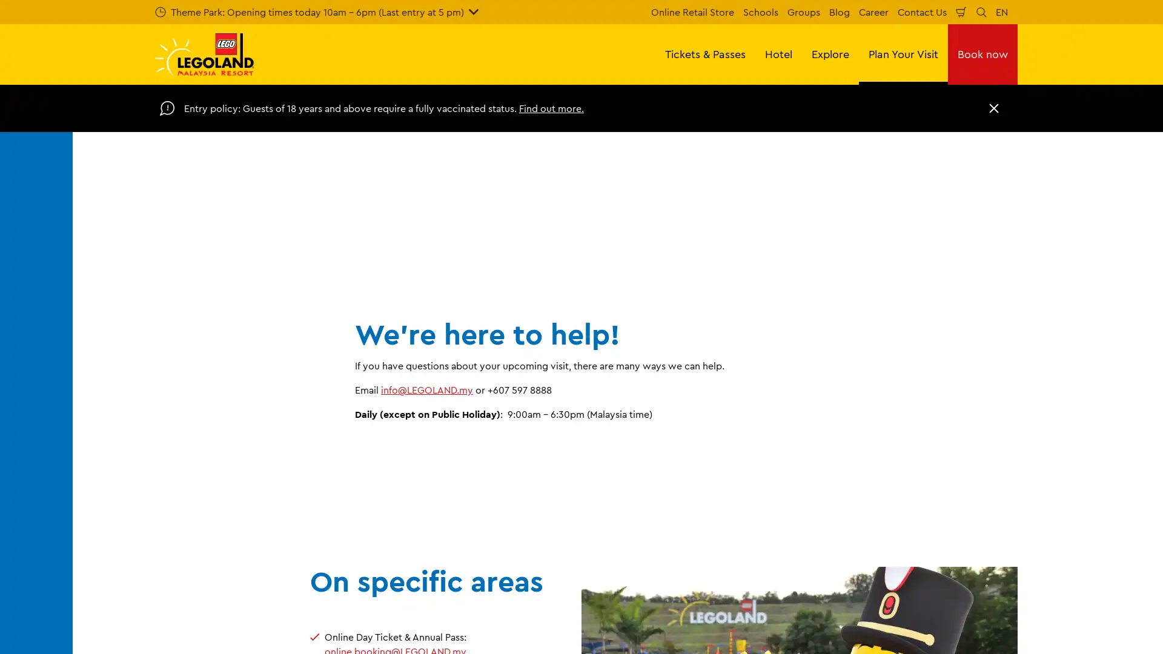 The height and width of the screenshot is (654, 1163). What do you see at coordinates (994, 107) in the screenshot?
I see `Close` at bounding box center [994, 107].